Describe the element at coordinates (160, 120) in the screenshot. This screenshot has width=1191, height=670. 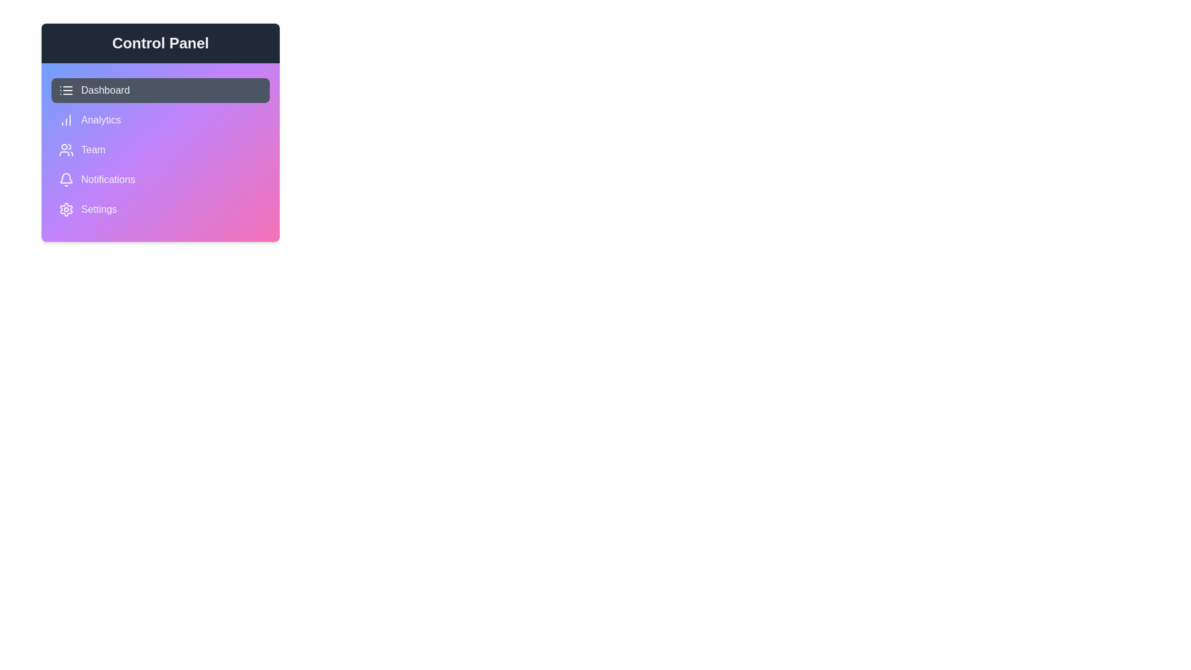
I see `the second navigation menu item in the vertical panel` at that location.